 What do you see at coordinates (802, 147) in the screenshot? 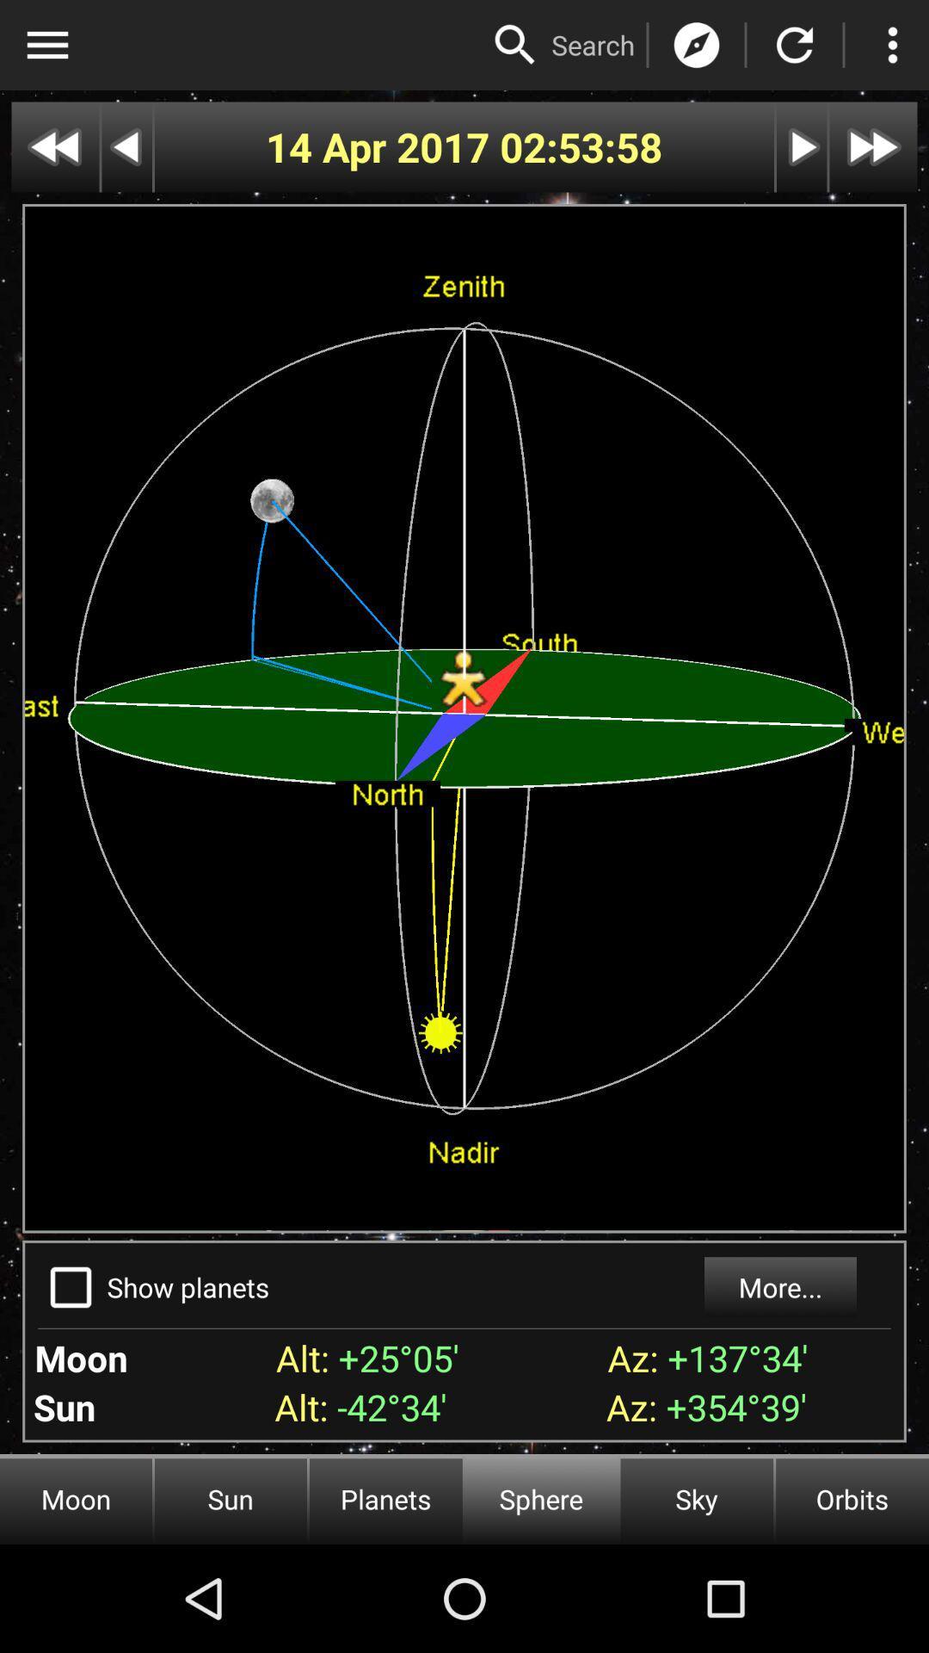
I see `next` at bounding box center [802, 147].